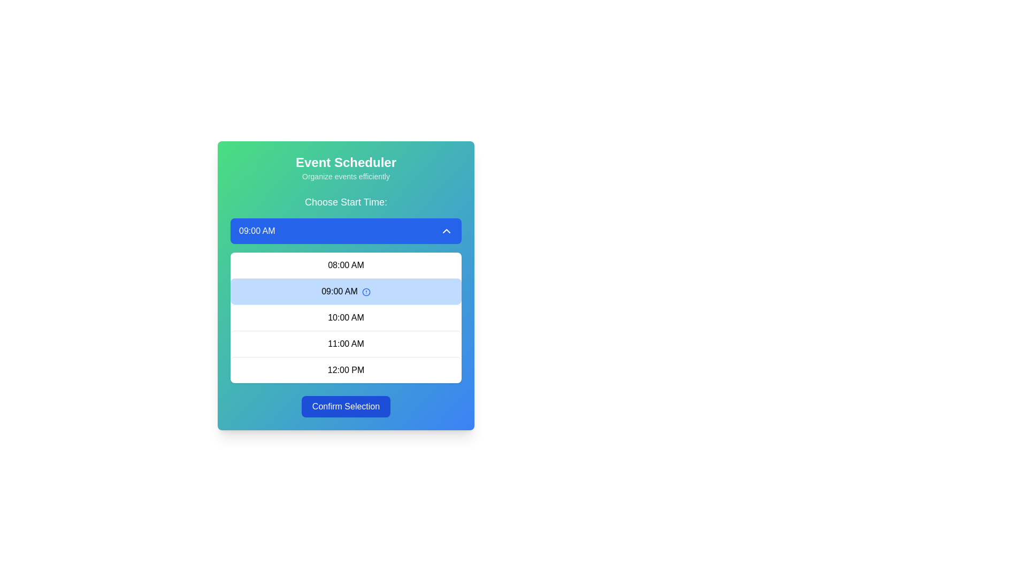 This screenshot has height=578, width=1027. What do you see at coordinates (346, 291) in the screenshot?
I see `the '09:00 AM' time selection button in the dropdown menu` at bounding box center [346, 291].